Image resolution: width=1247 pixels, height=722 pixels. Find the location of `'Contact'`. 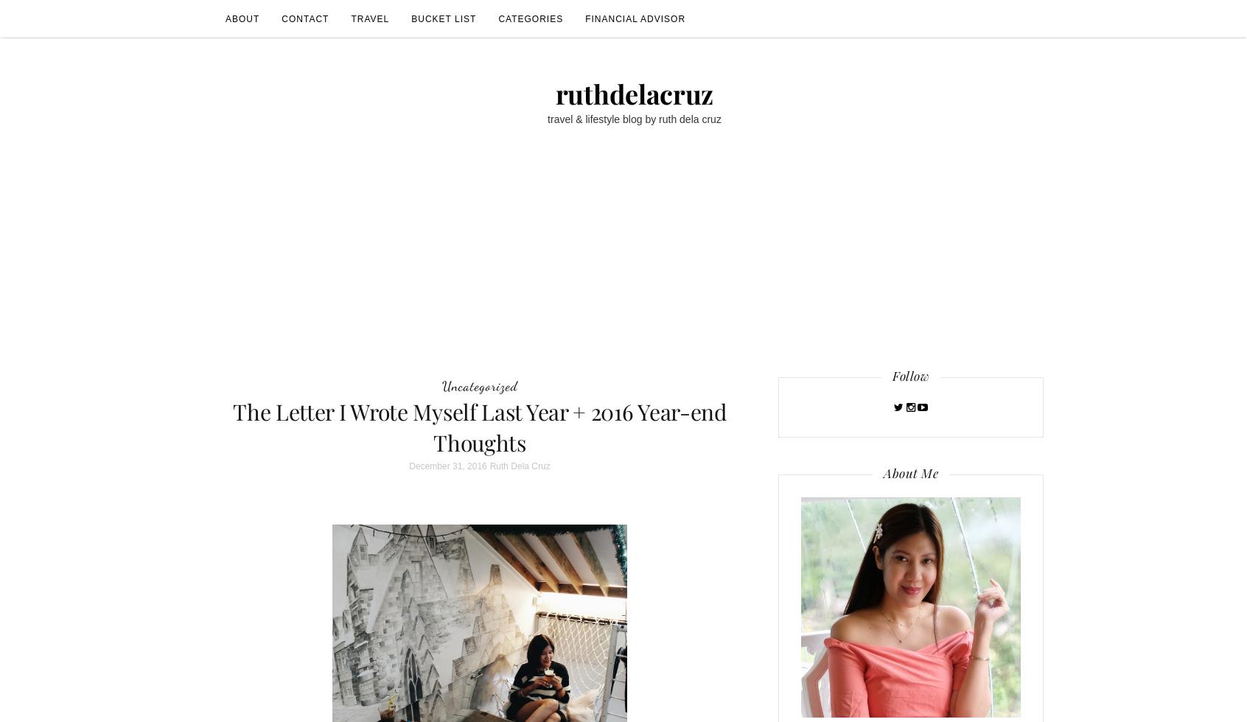

'Contact' is located at coordinates (305, 18).